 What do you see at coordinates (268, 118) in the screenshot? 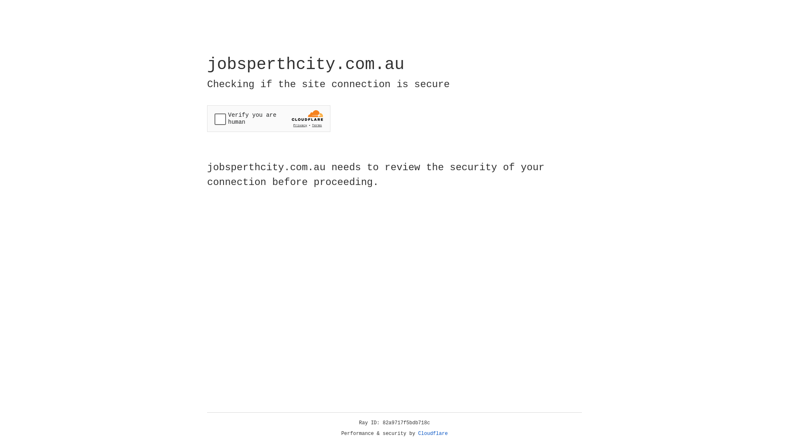
I see `'Widget containing a Cloudflare security challenge'` at bounding box center [268, 118].